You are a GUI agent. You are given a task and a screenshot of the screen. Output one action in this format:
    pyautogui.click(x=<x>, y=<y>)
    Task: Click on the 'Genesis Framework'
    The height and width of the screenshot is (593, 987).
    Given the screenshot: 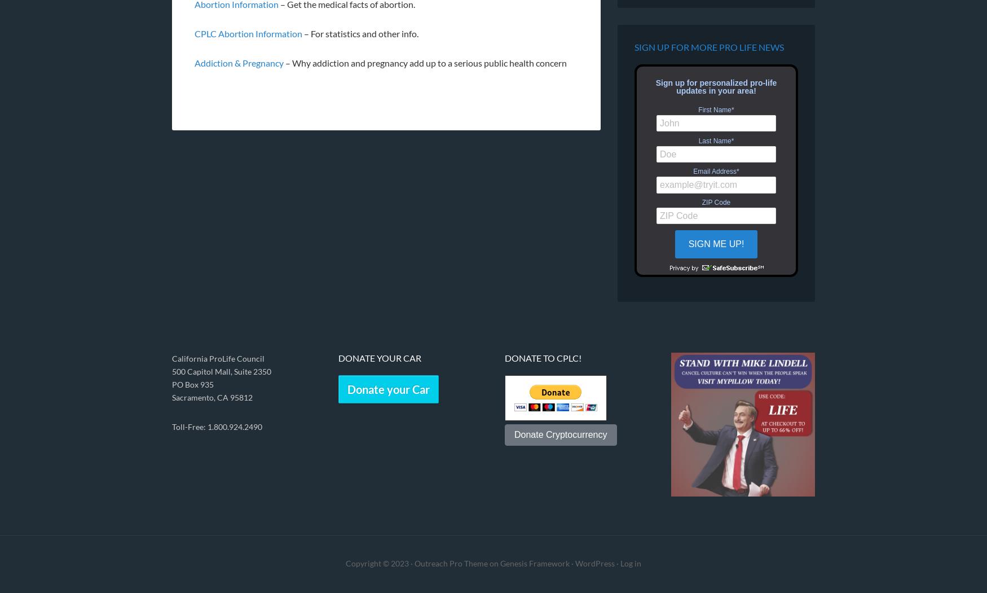 What is the action you would take?
    pyautogui.click(x=535, y=563)
    